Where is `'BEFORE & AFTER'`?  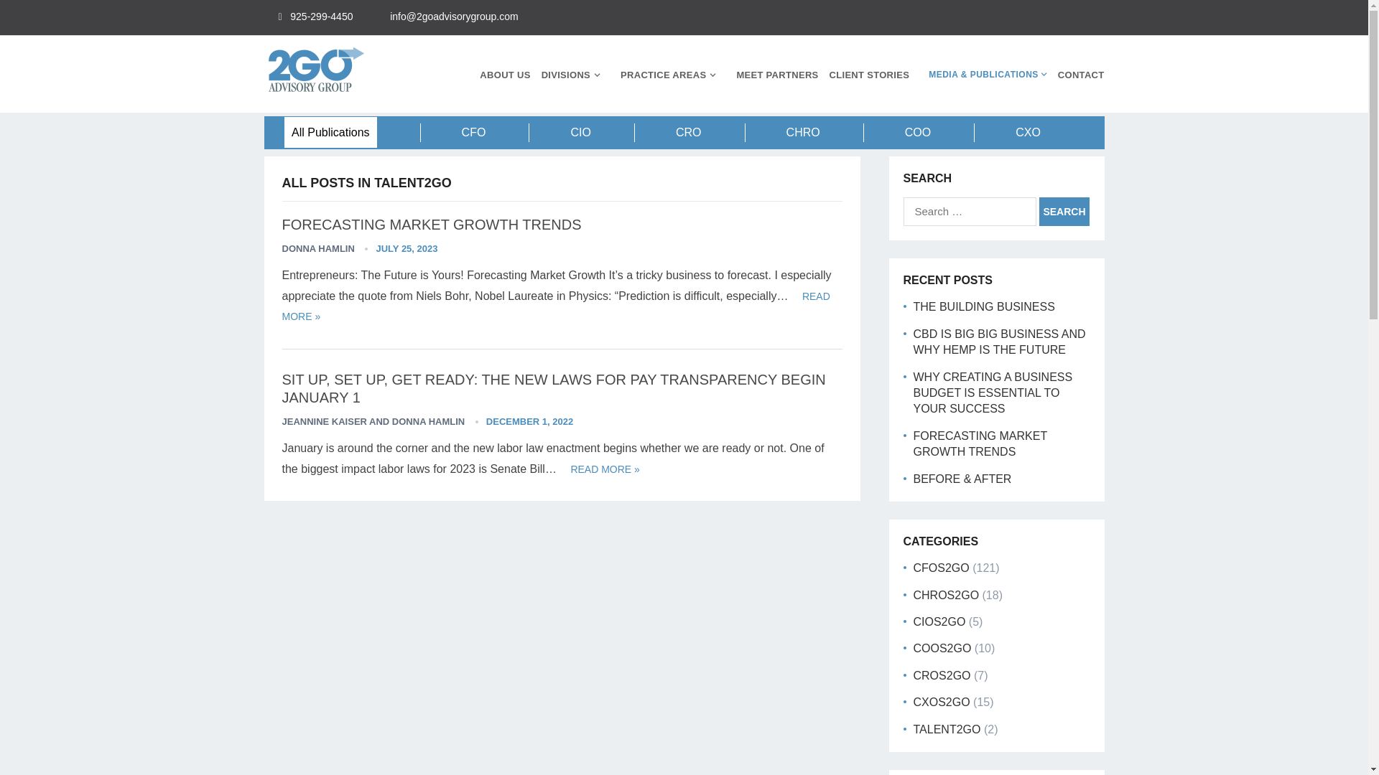
'BEFORE & AFTER' is located at coordinates (962, 478).